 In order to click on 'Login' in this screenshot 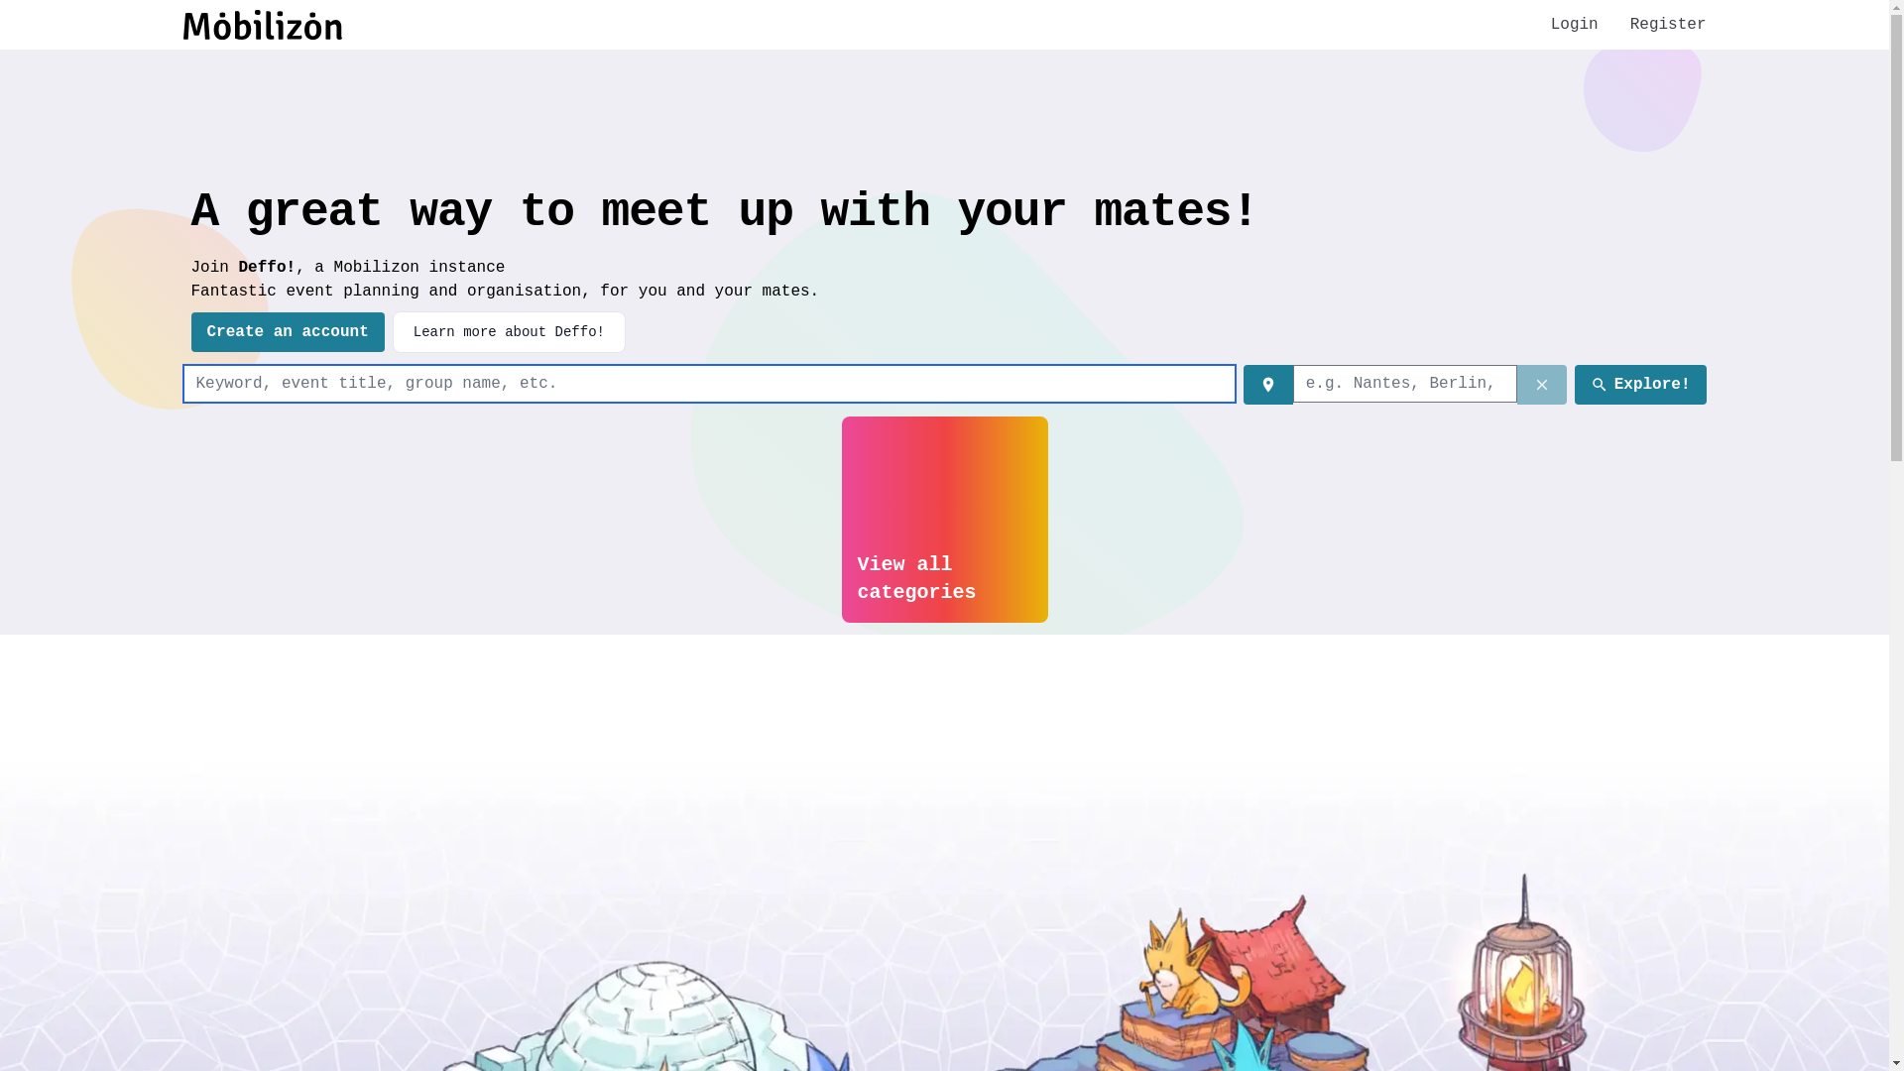, I will do `click(1574, 24)`.